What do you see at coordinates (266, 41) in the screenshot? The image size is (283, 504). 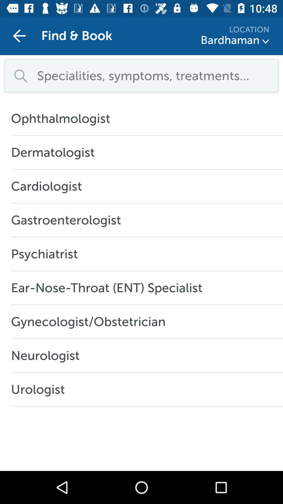 I see `info` at bounding box center [266, 41].